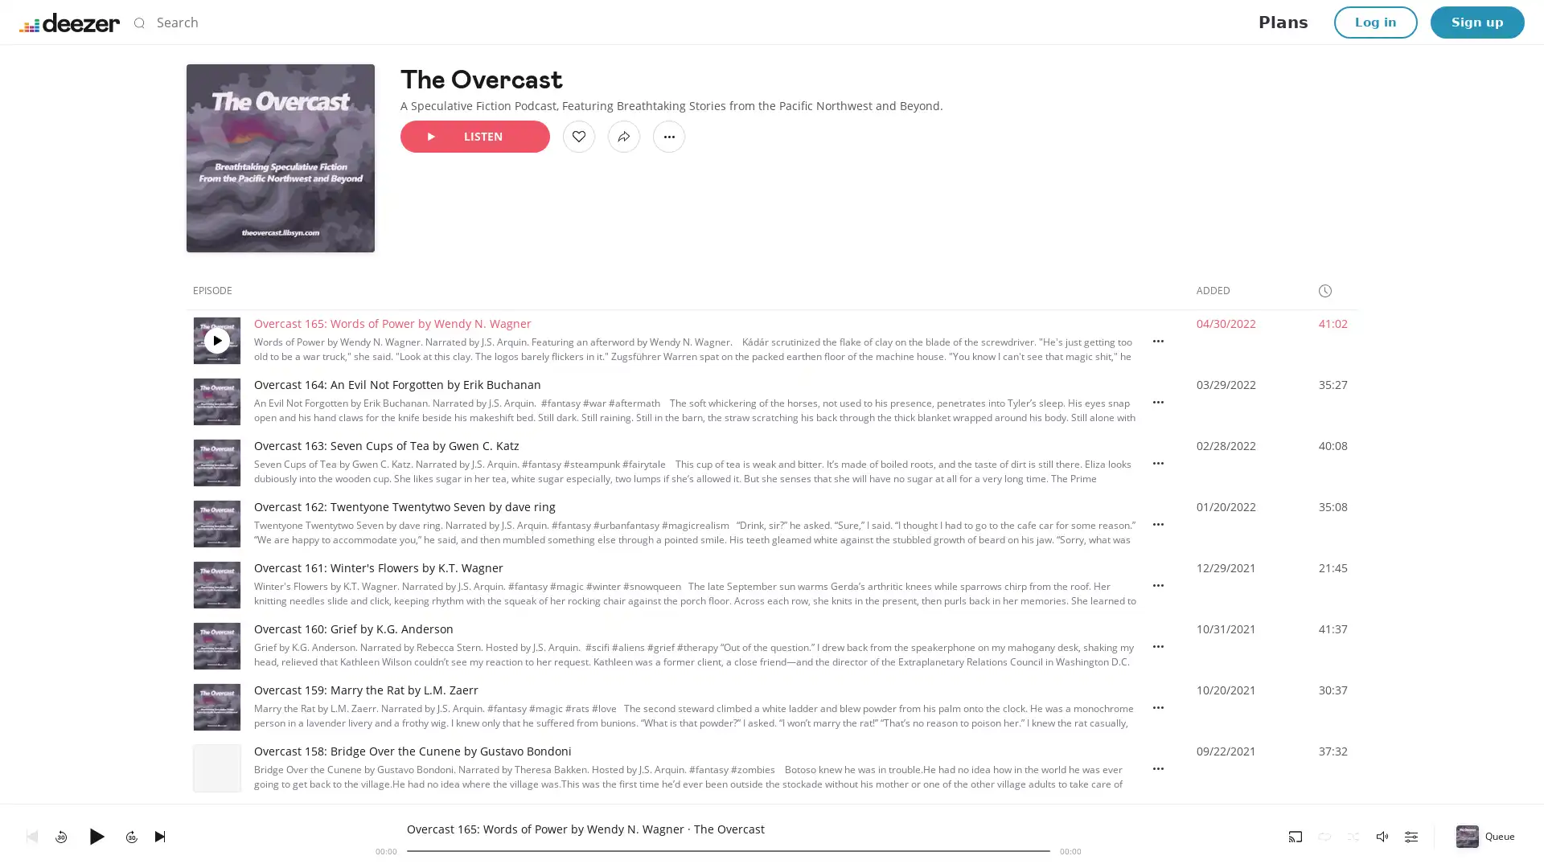 The width and height of the screenshot is (1544, 868). What do you see at coordinates (216, 585) in the screenshot?
I see `Play Overcast 161: Winter's Flowers by K.T. Wagner by The Overcast` at bounding box center [216, 585].